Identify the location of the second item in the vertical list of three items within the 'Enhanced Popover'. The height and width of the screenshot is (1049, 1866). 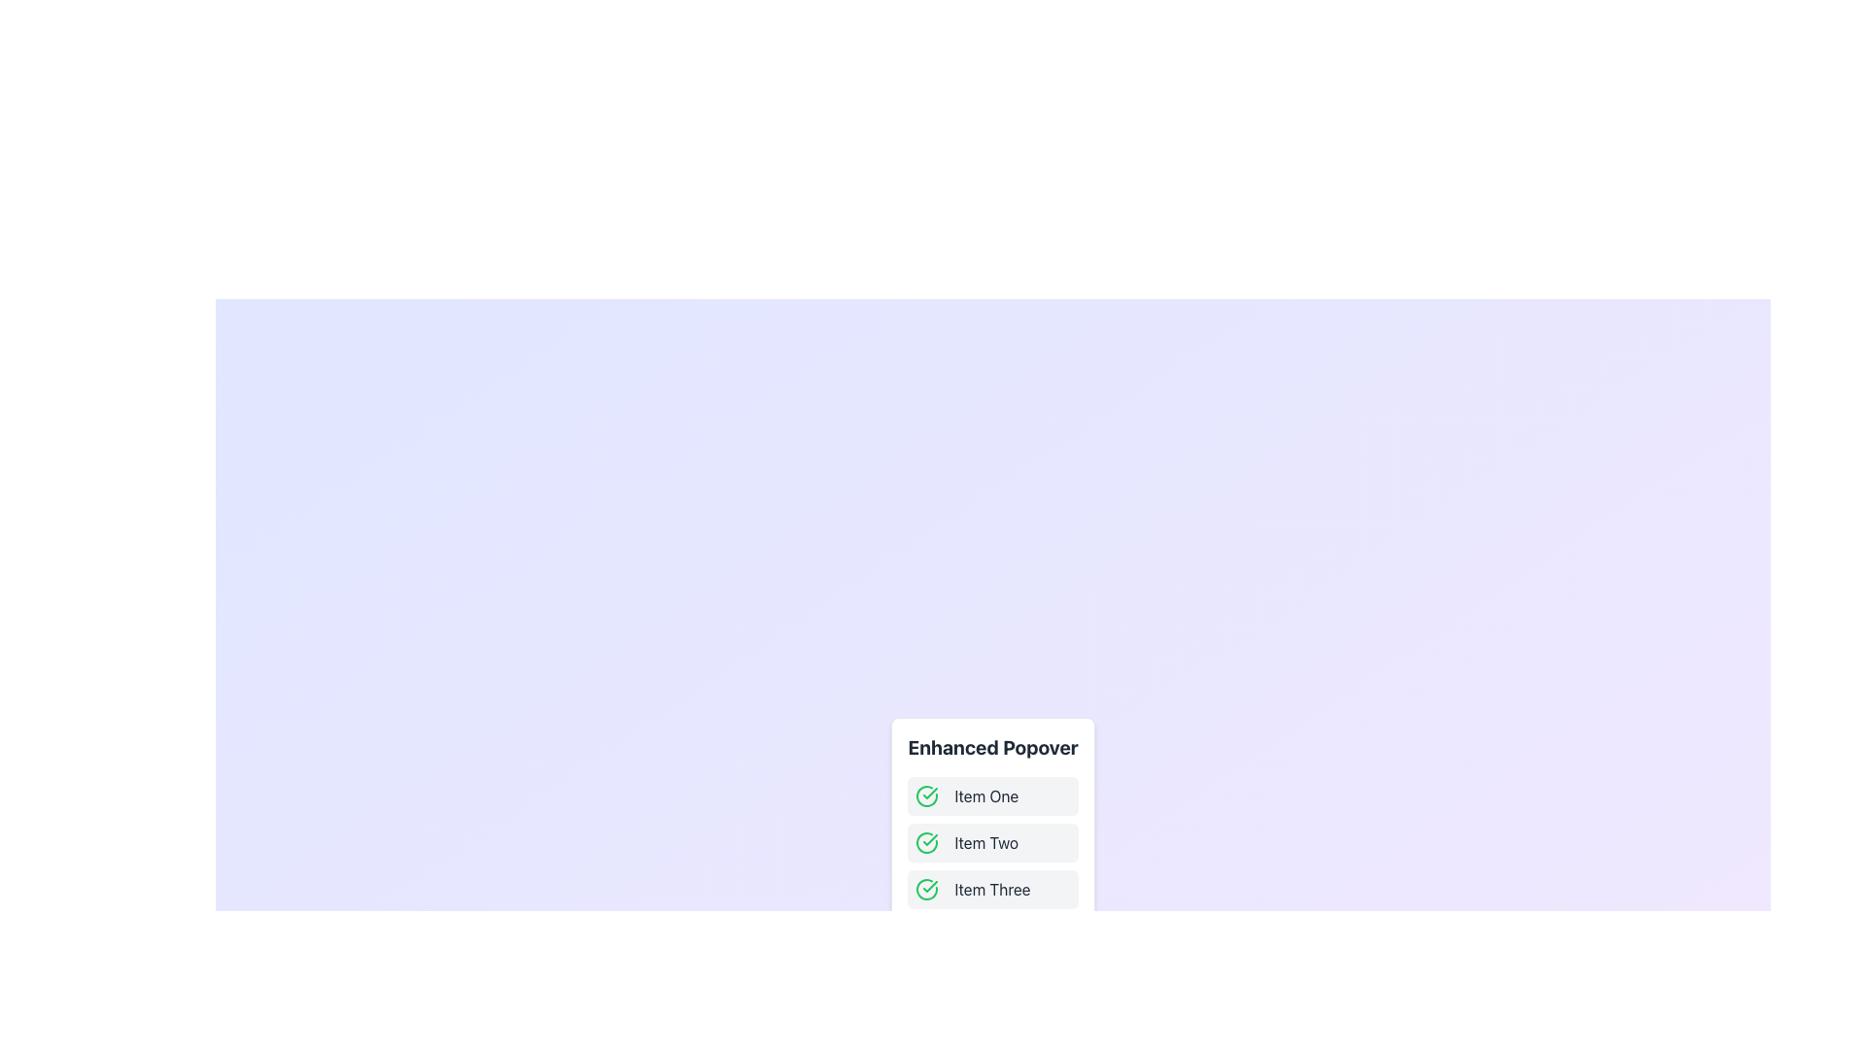
(993, 841).